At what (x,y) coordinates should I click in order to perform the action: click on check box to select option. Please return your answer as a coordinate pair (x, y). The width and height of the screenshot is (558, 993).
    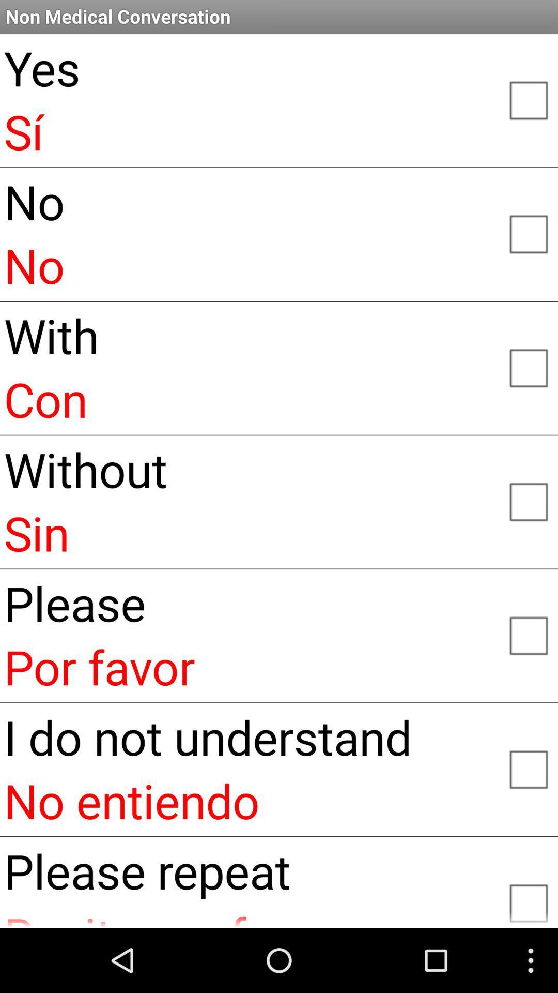
    Looking at the image, I should click on (528, 99).